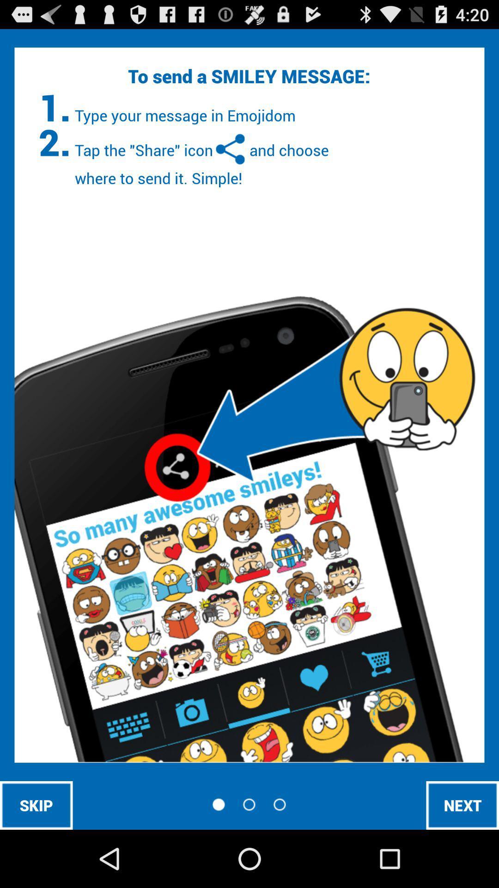 This screenshot has width=499, height=888. Describe the element at coordinates (36, 805) in the screenshot. I see `skip at the bottom left corner` at that location.